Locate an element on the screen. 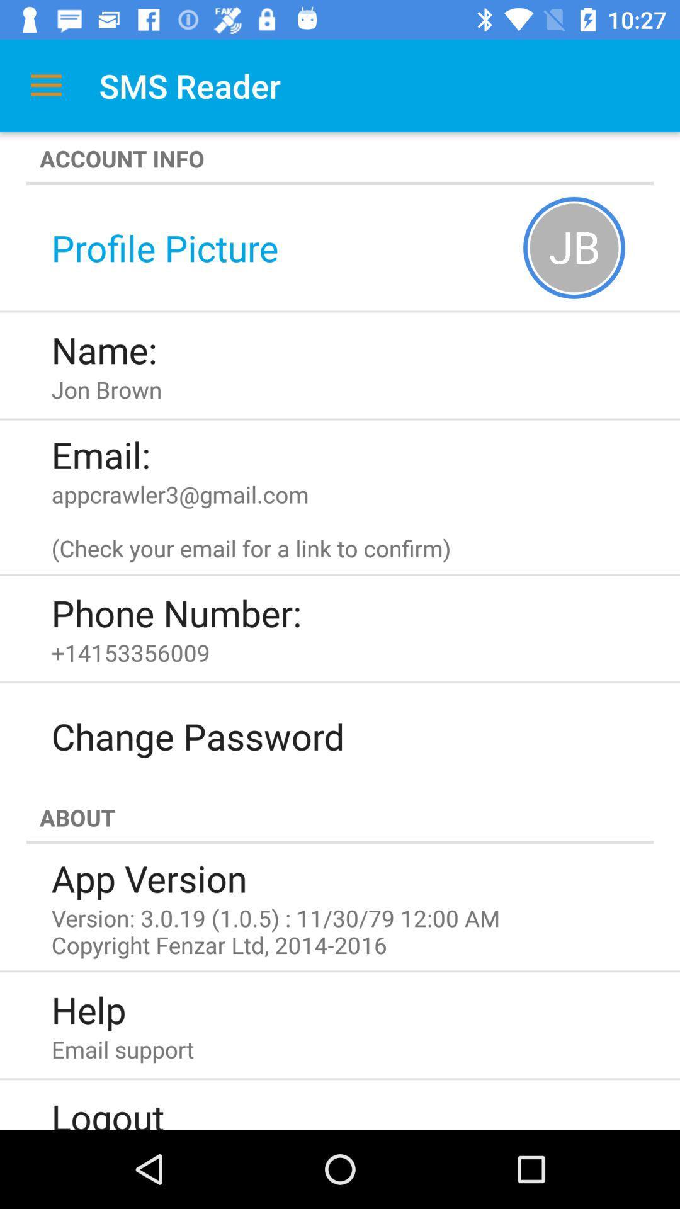 The height and width of the screenshot is (1209, 680). about is located at coordinates (340, 817).